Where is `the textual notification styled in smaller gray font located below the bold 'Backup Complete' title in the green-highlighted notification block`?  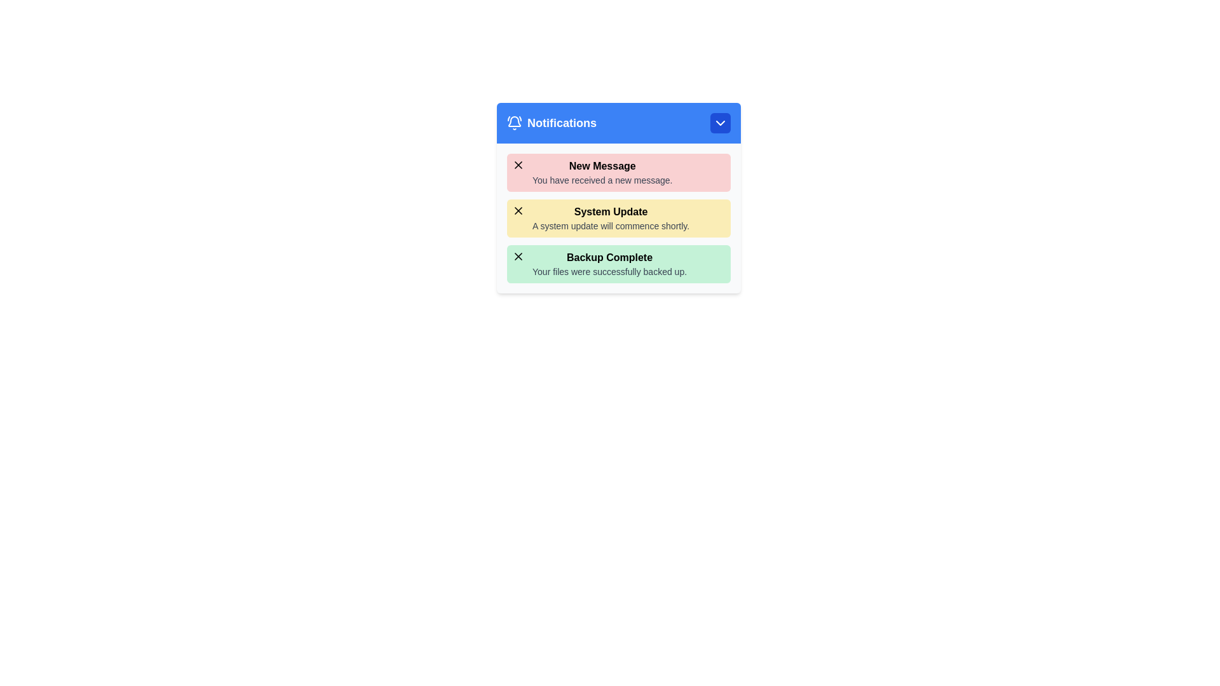 the textual notification styled in smaller gray font located below the bold 'Backup Complete' title in the green-highlighted notification block is located at coordinates (609, 271).